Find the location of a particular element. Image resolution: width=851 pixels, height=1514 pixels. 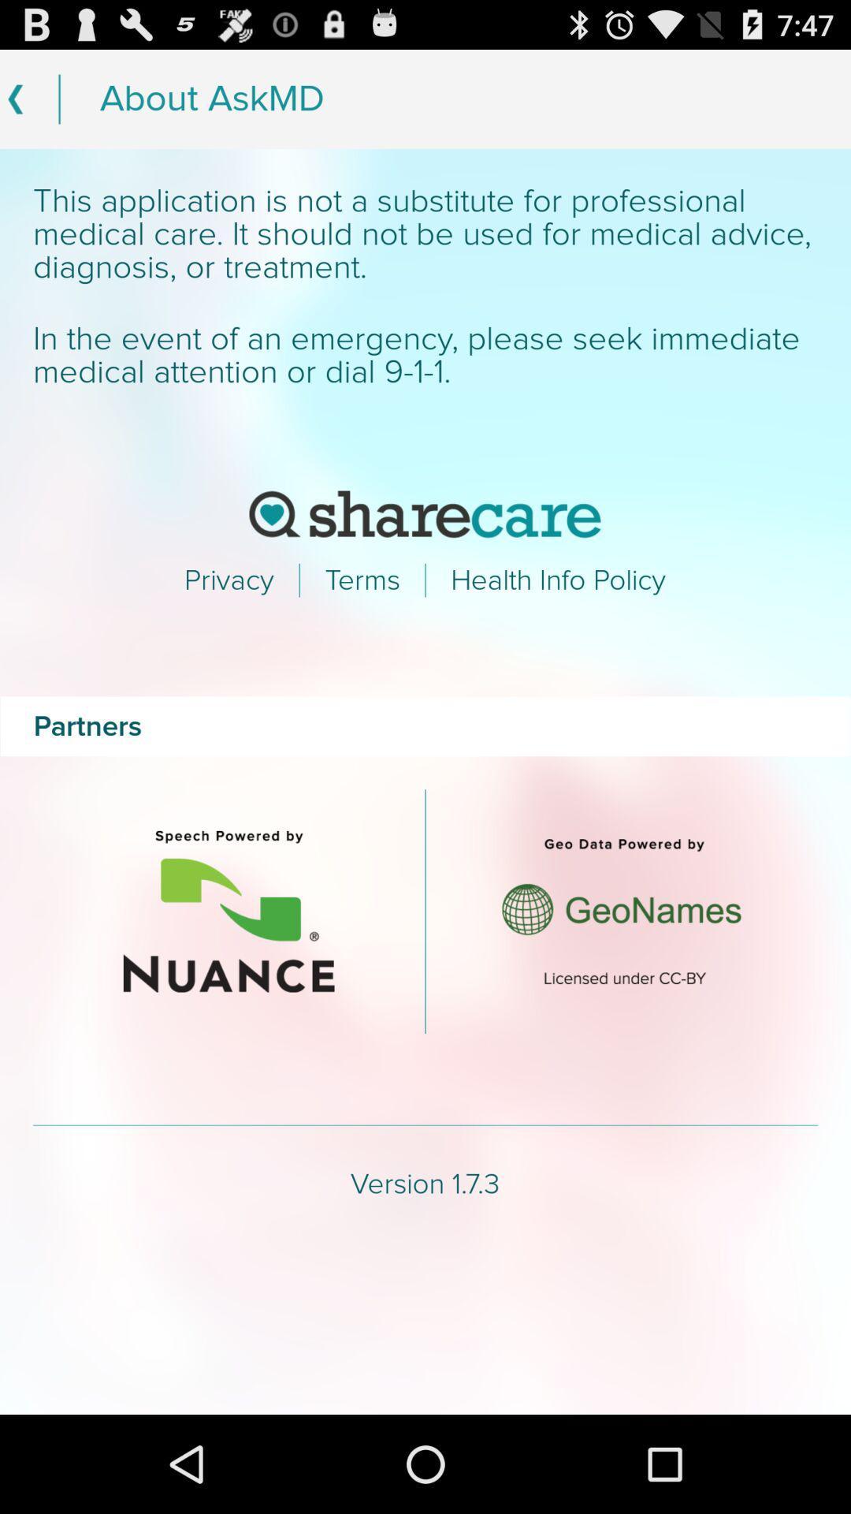

text which is right to privacy is located at coordinates (362, 580).